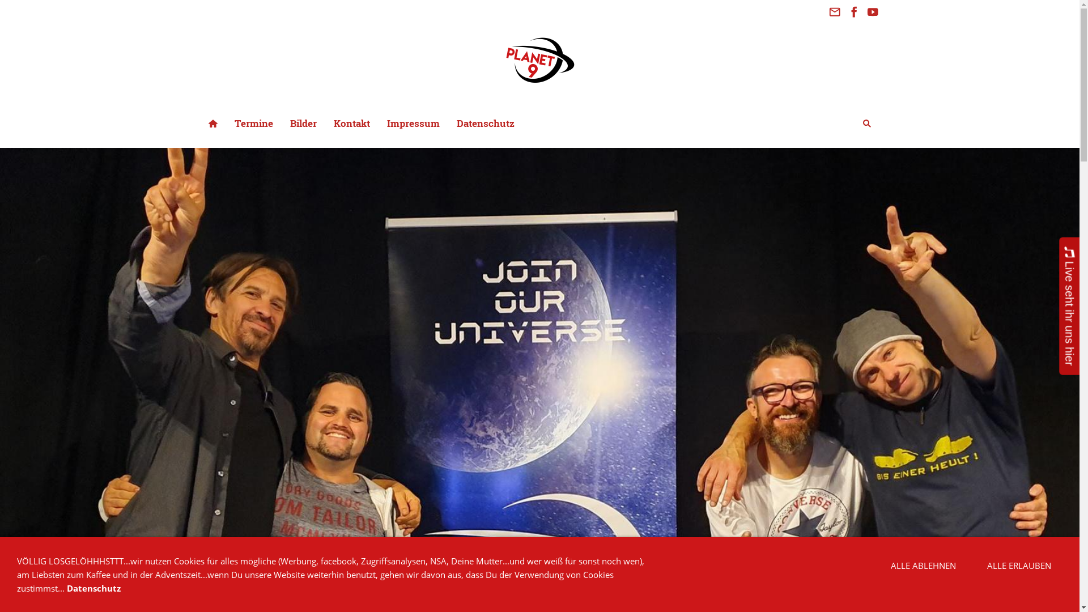  What do you see at coordinates (252, 123) in the screenshot?
I see `'Termine'` at bounding box center [252, 123].